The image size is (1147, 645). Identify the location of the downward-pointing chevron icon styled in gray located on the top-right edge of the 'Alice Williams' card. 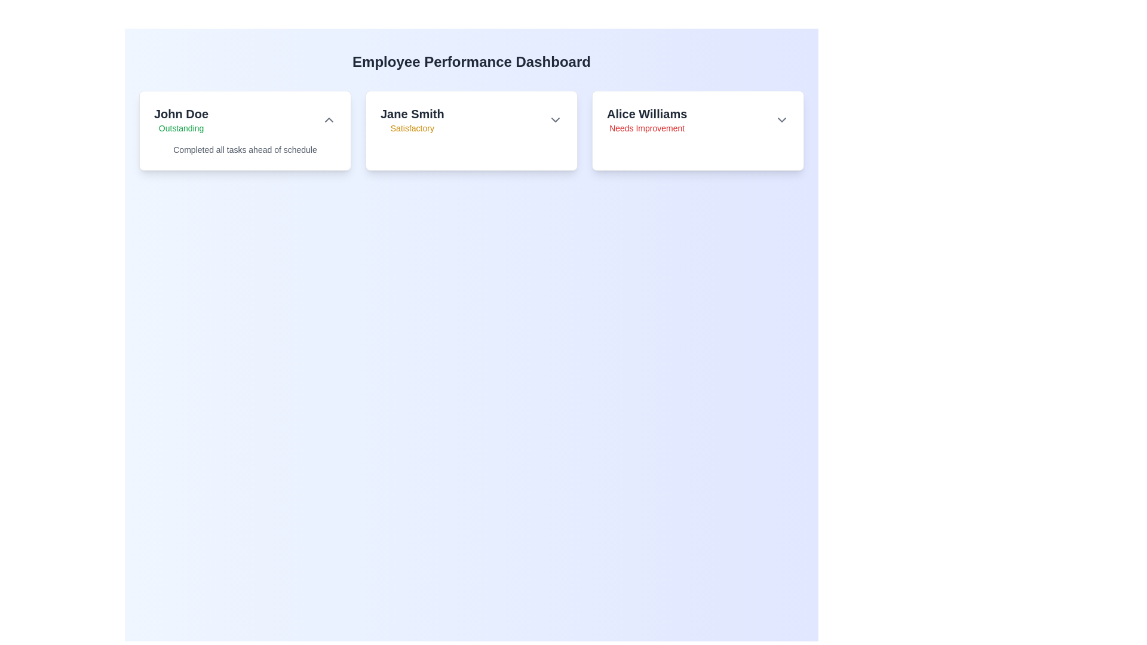
(782, 119).